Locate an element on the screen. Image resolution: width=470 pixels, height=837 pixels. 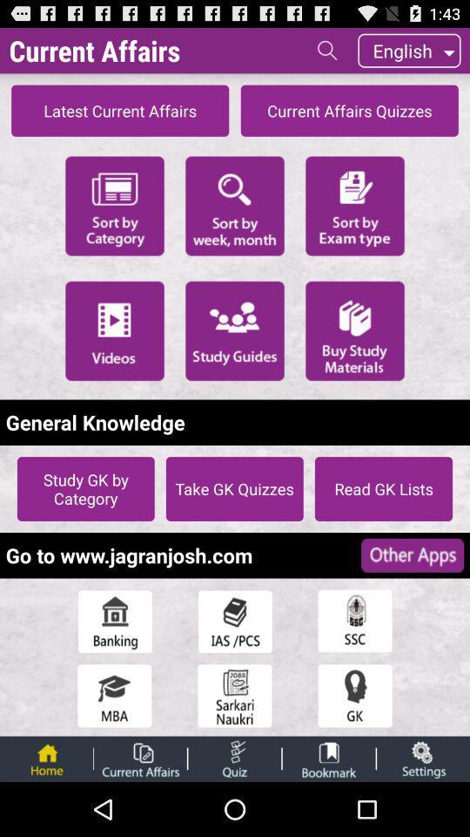
the icon to the left of take gk quizzes item is located at coordinates (84, 488).